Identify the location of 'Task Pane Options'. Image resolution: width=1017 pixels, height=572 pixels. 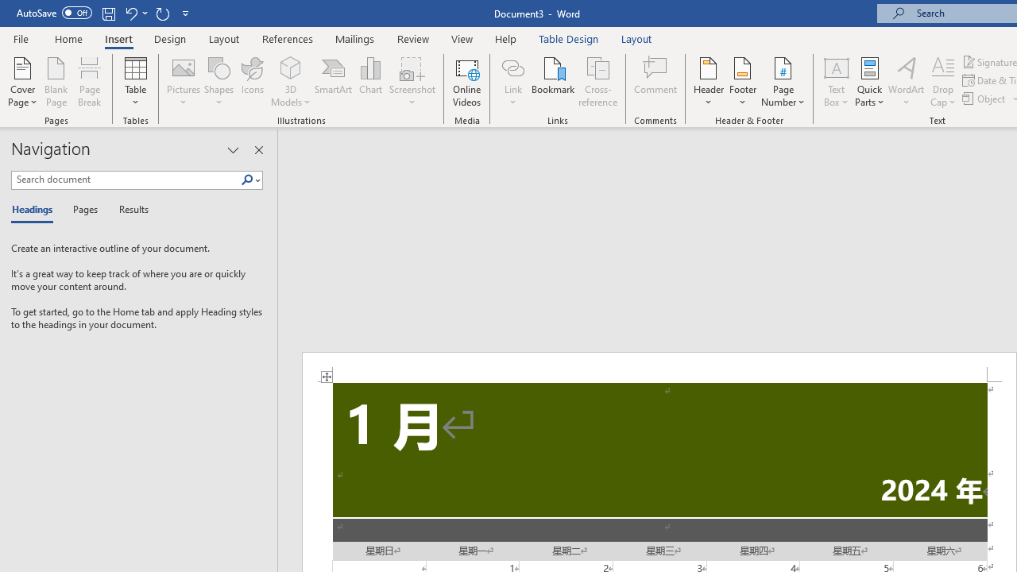
(232, 150).